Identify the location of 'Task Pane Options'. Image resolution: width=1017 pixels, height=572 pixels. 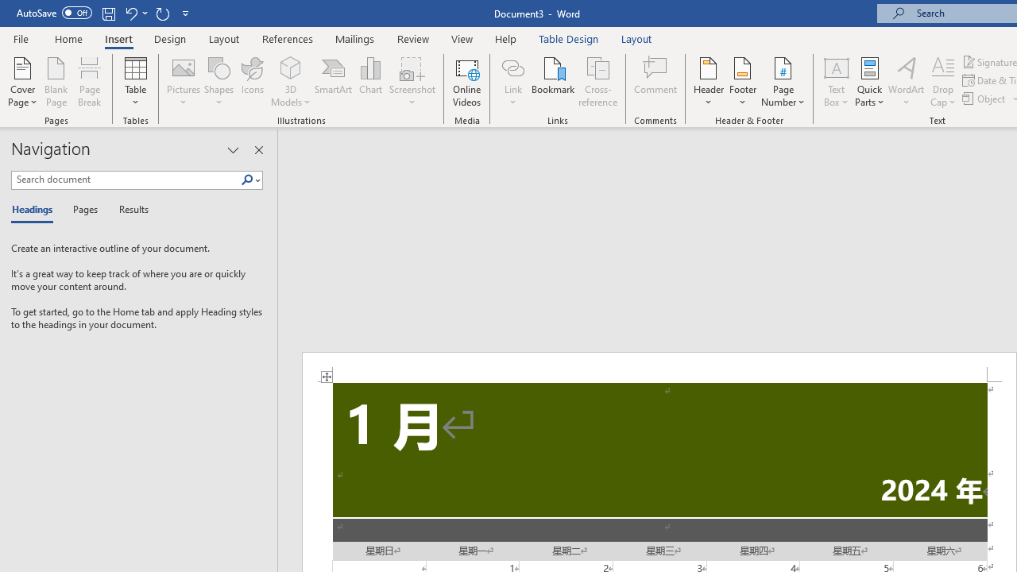
(232, 150).